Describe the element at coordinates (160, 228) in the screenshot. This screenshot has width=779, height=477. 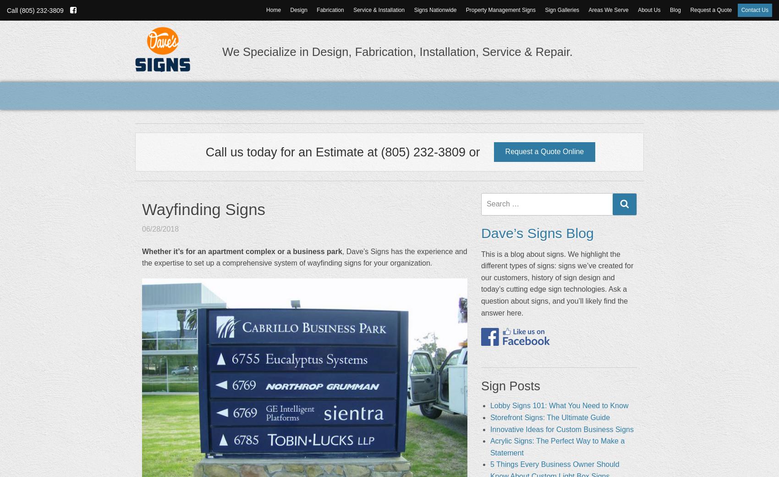
I see `'06/28/2018'` at that location.